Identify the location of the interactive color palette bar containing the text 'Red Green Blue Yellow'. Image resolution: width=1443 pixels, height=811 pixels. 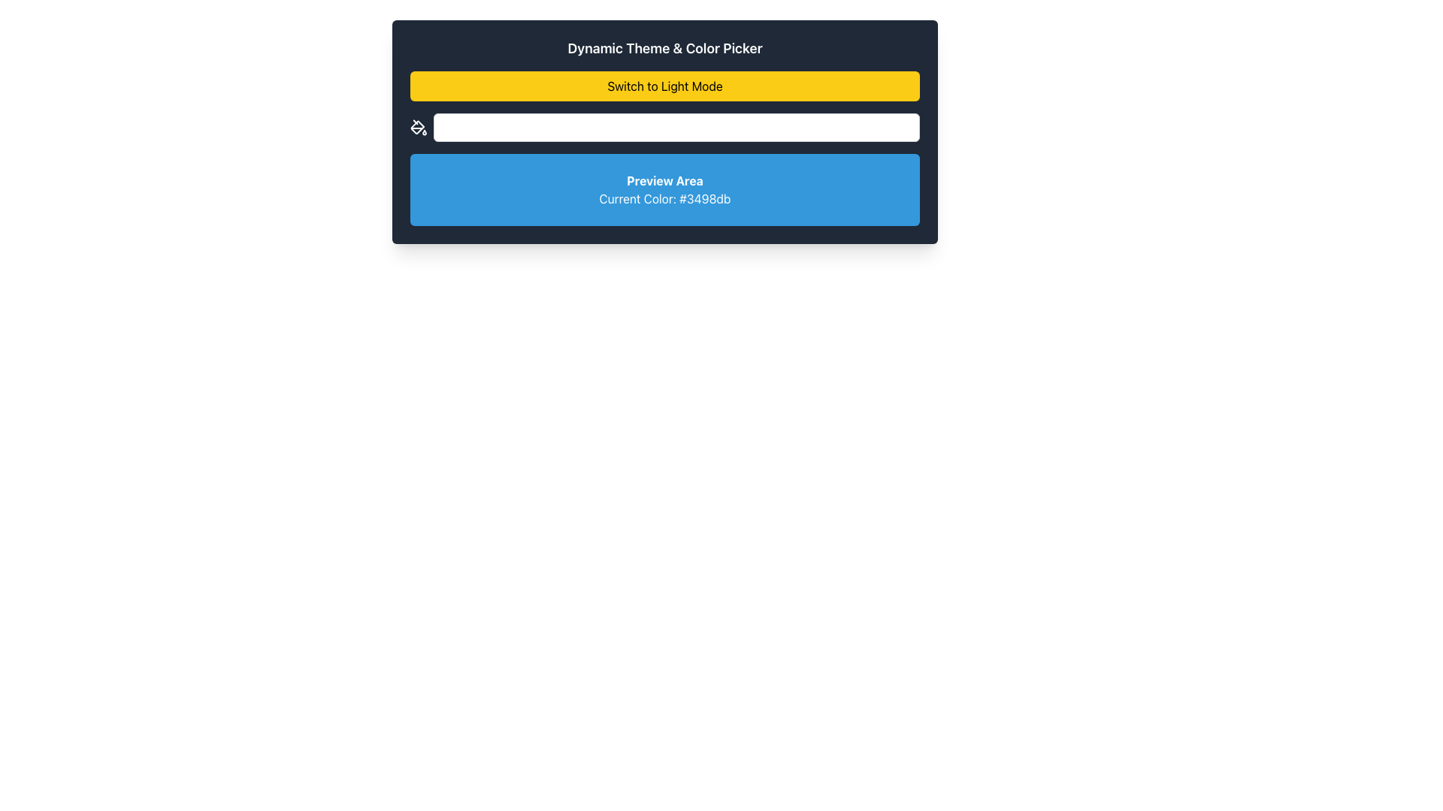
(664, 126).